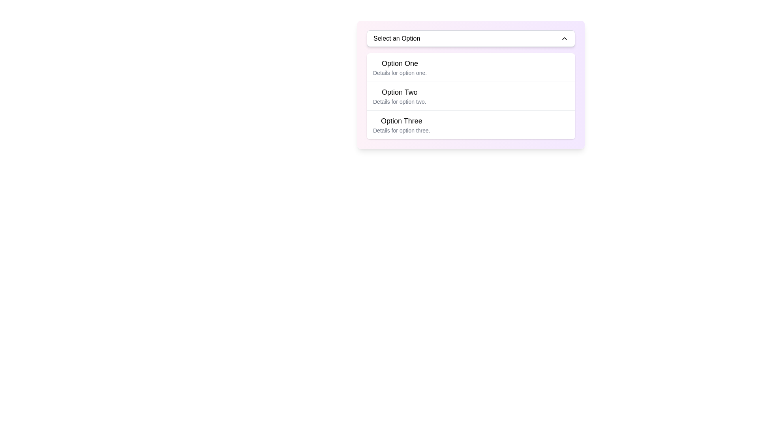 The height and width of the screenshot is (426, 758). What do you see at coordinates (400, 101) in the screenshot?
I see `the descriptive text label located below 'Option Two' and above 'Option Three' in the dropdown menu` at bounding box center [400, 101].